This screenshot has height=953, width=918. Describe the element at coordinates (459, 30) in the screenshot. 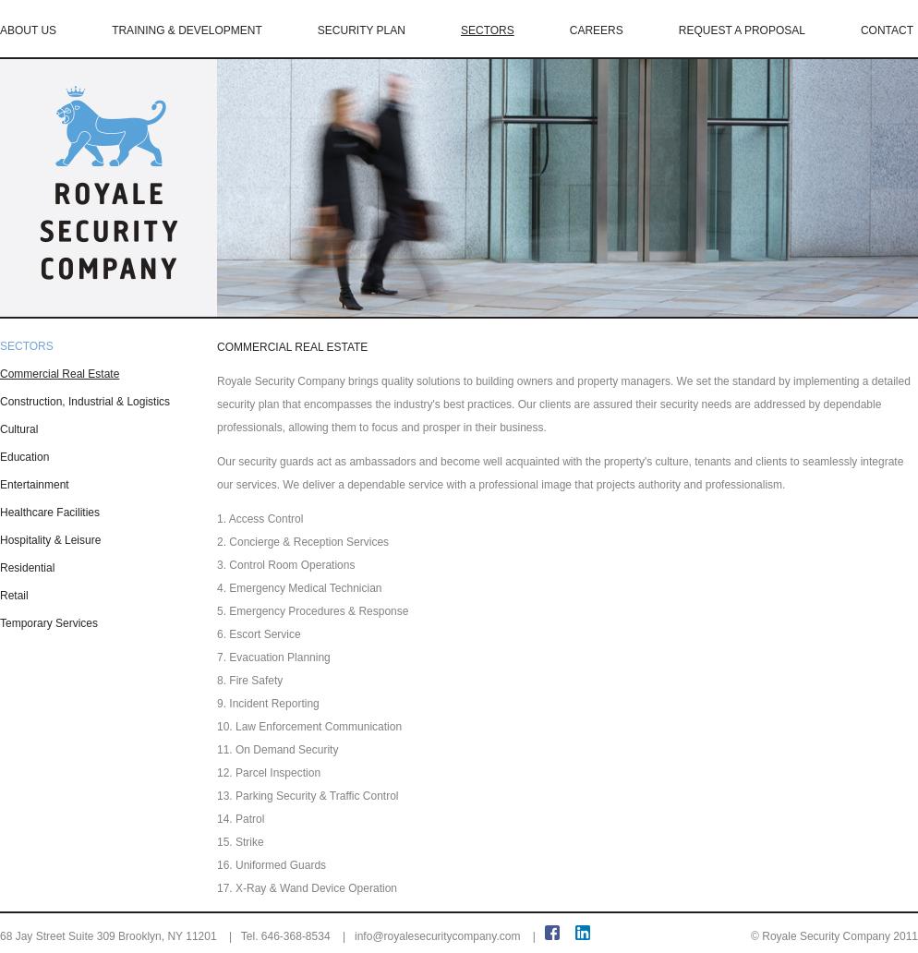

I see `'SECTORS'` at that location.